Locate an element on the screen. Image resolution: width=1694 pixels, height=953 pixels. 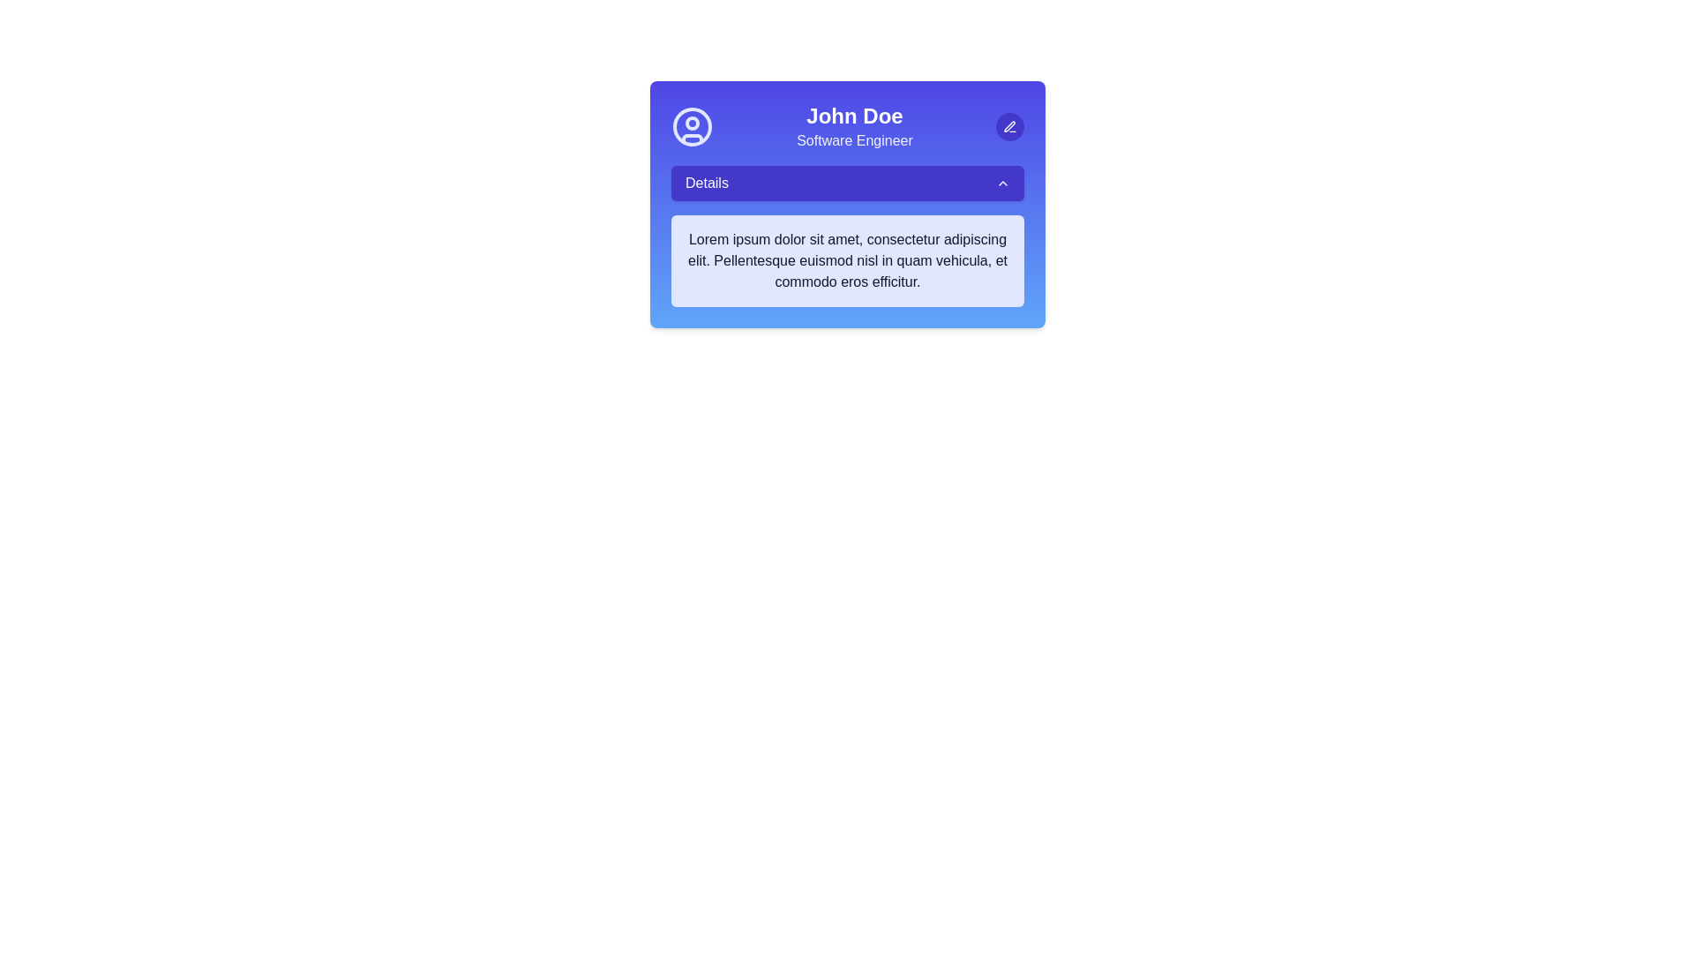
the text label indicating the professional designation of John Doe, which is located directly beneath his title within a centrally aligned card layout is located at coordinates (855, 139).